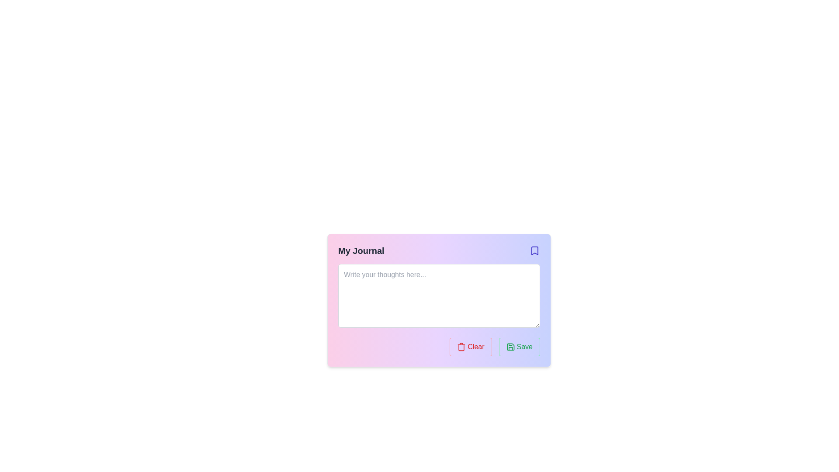  I want to click on the 'Clear' button with red text and a trash bin icon to clear the input field, so click(470, 347).